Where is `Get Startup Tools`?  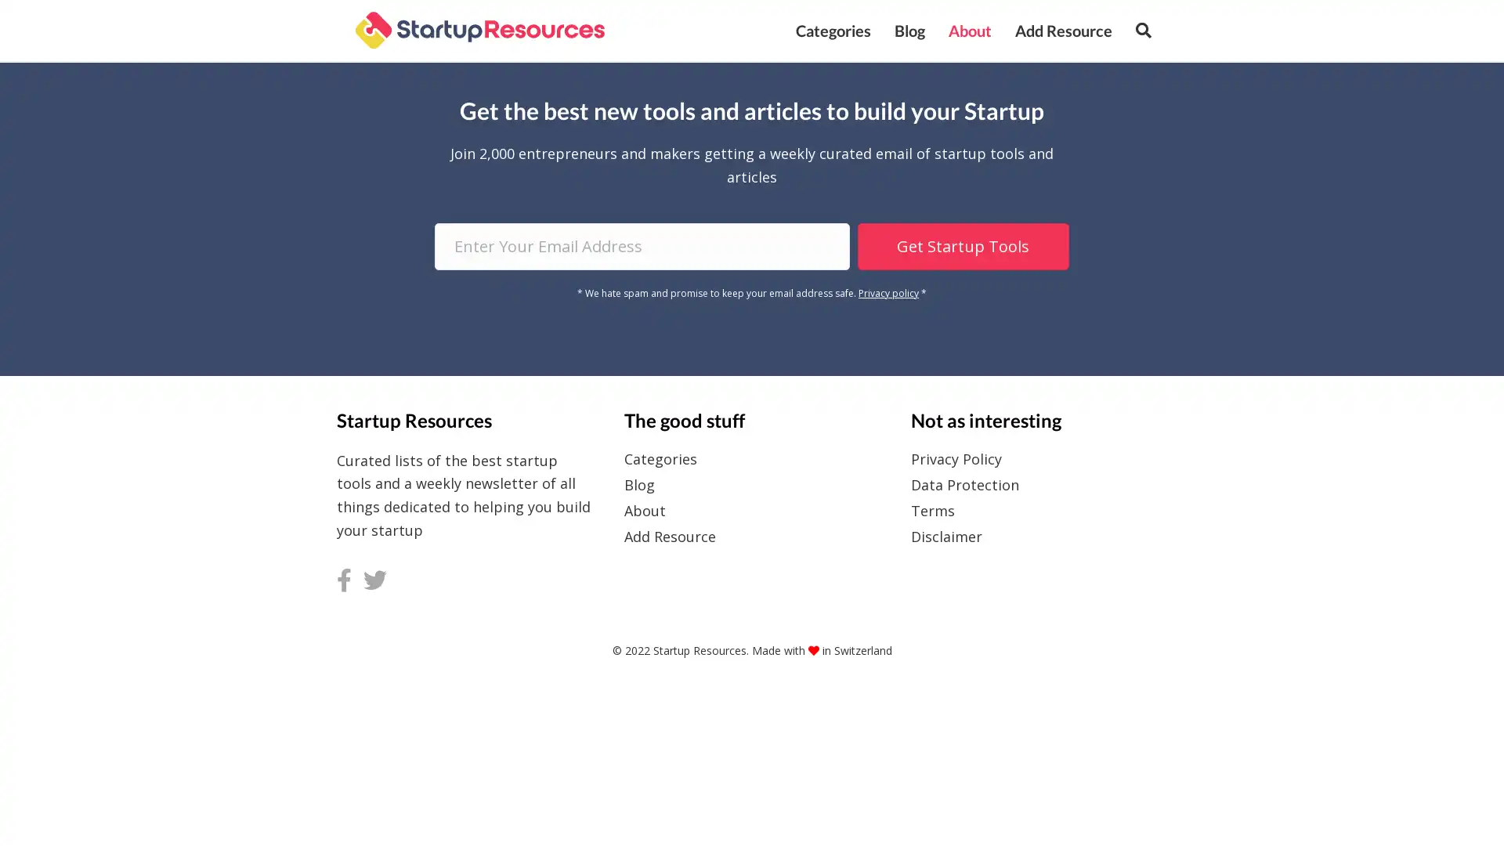
Get Startup Tools is located at coordinates (961, 245).